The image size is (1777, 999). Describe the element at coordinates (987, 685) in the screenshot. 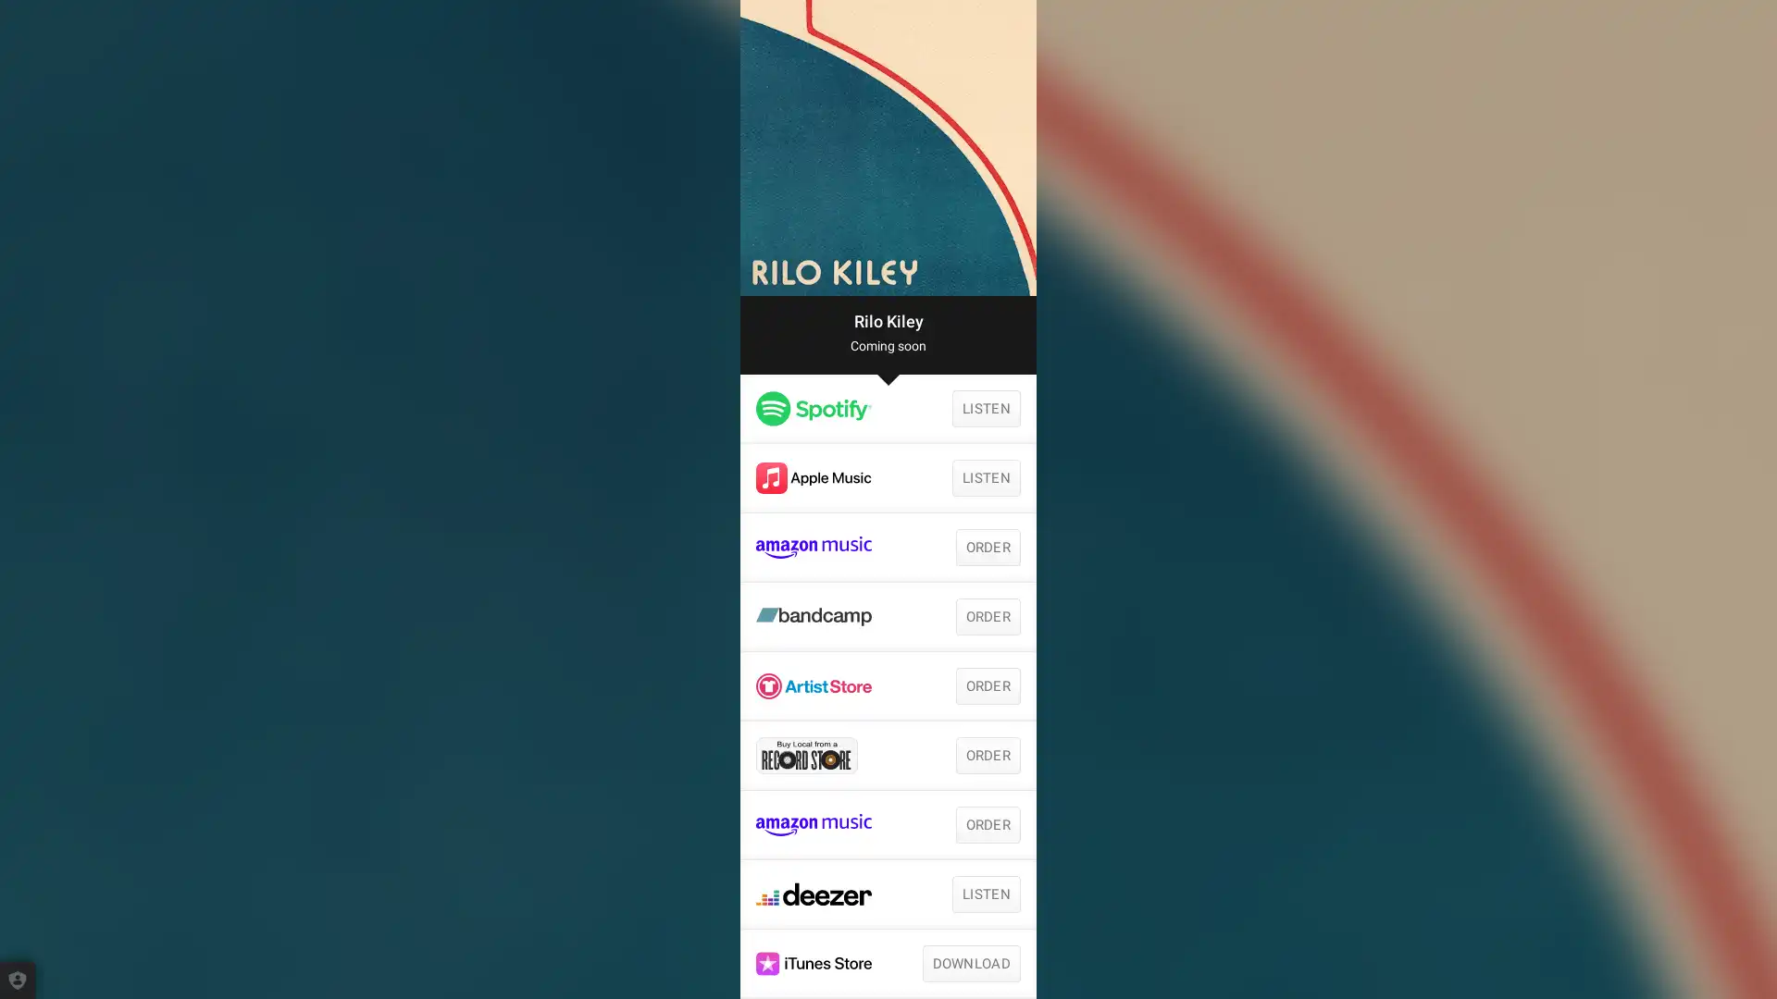

I see `ORDER` at that location.